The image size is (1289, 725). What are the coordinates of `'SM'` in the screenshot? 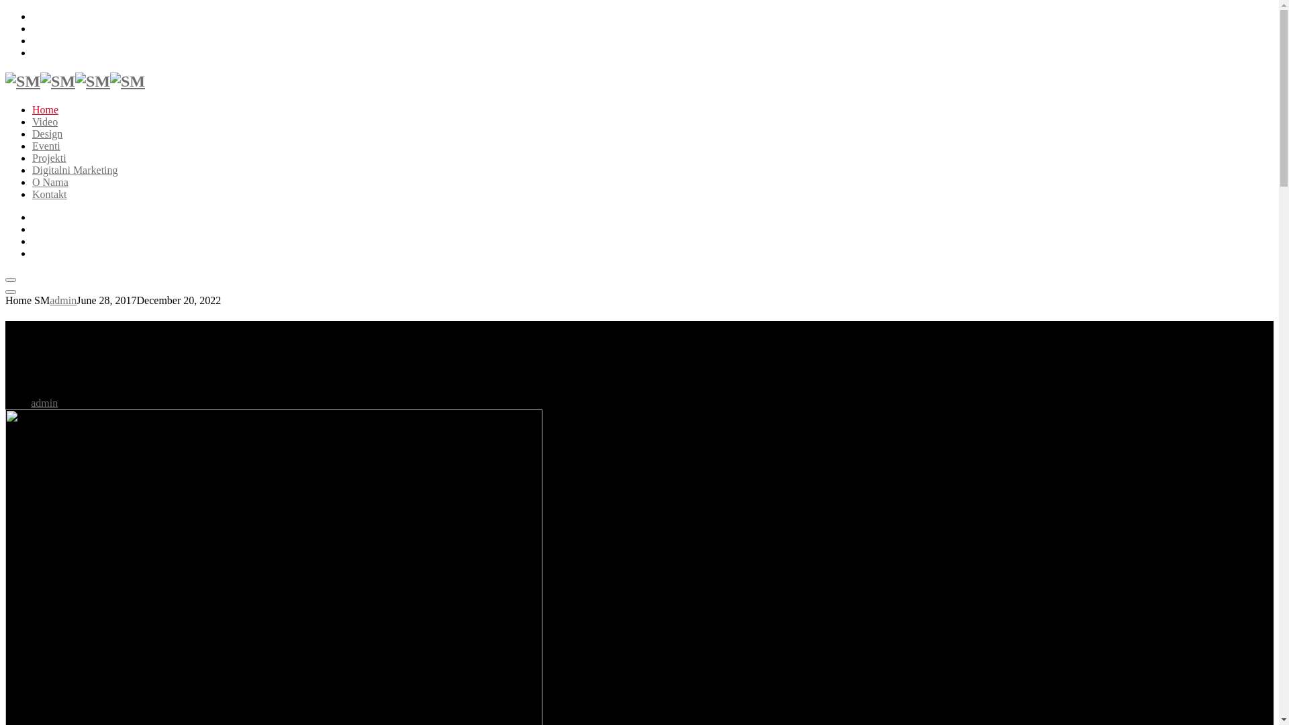 It's located at (40, 81).